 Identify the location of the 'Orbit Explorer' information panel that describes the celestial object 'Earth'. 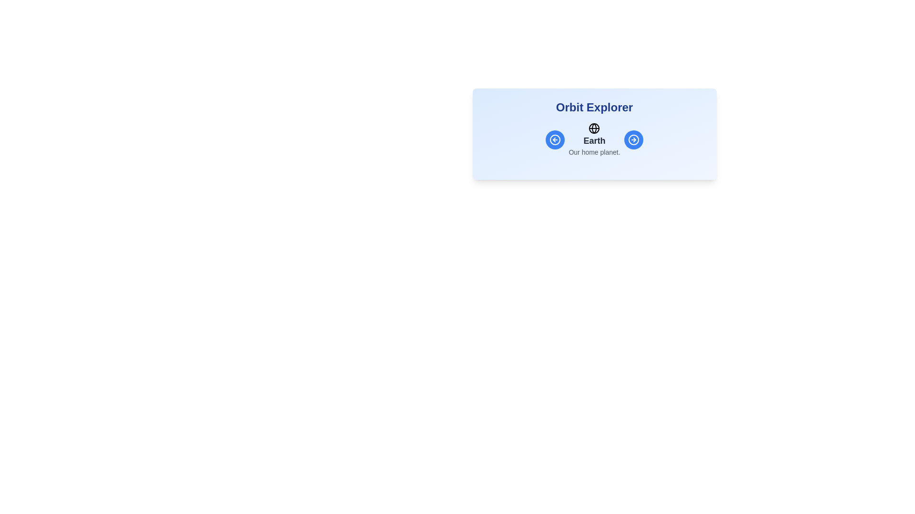
(594, 134).